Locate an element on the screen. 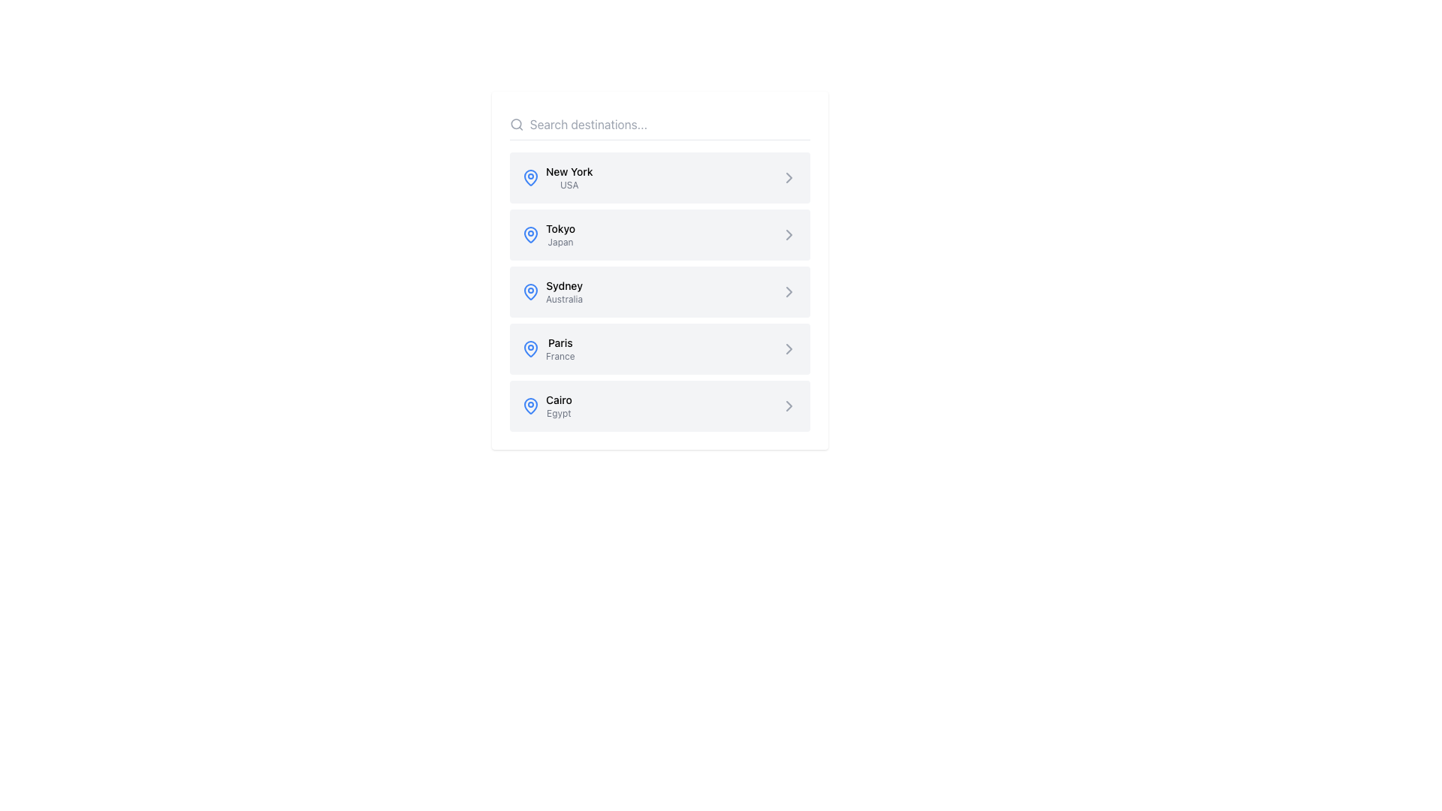  the location icon next to the text 'Paris' is located at coordinates (530, 349).